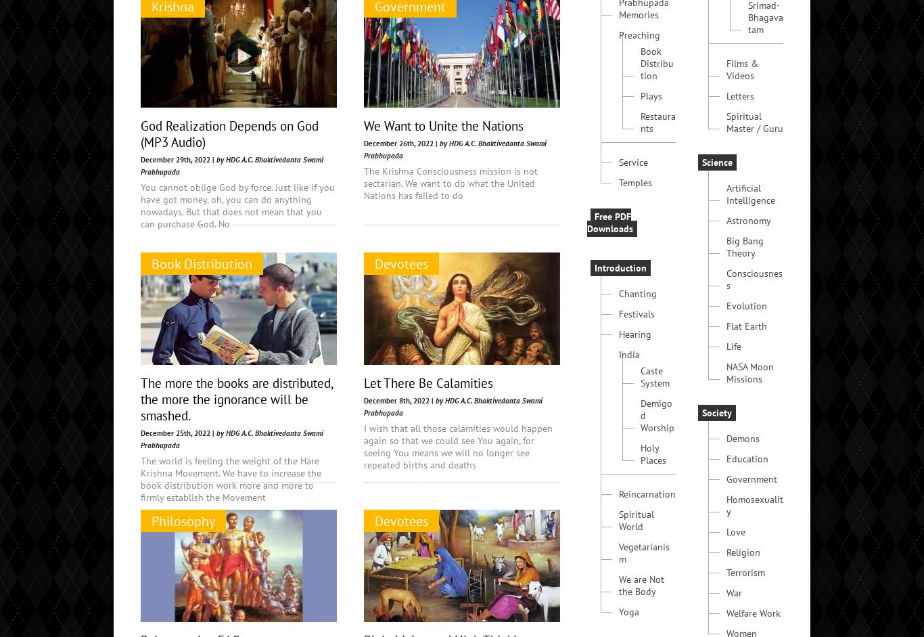 The height and width of the screenshot is (637, 924). I want to click on 'Artificial Intelligence', so click(750, 296).